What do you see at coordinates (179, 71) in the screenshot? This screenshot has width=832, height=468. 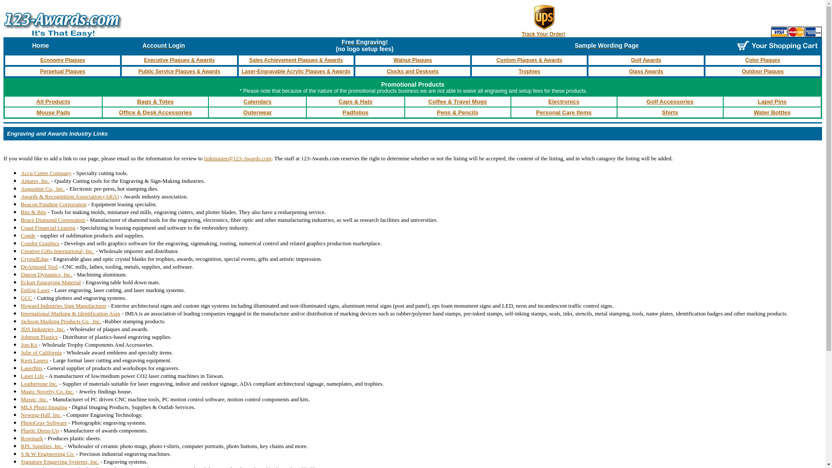 I see `'Public Service Plaques & Awards'` at bounding box center [179, 71].